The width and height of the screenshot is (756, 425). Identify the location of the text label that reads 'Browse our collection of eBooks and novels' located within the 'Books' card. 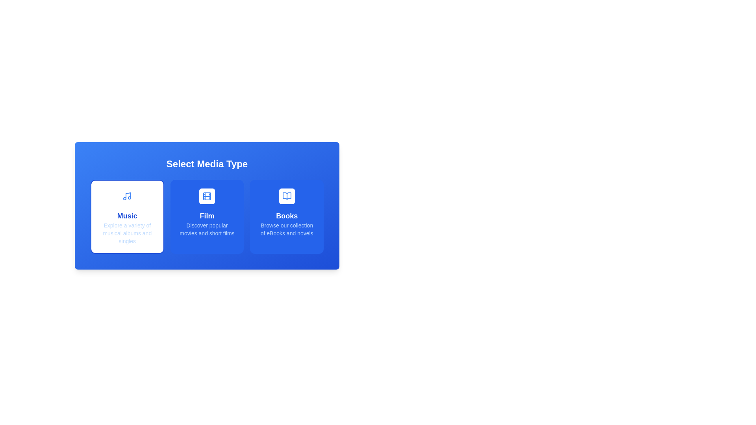
(286, 229).